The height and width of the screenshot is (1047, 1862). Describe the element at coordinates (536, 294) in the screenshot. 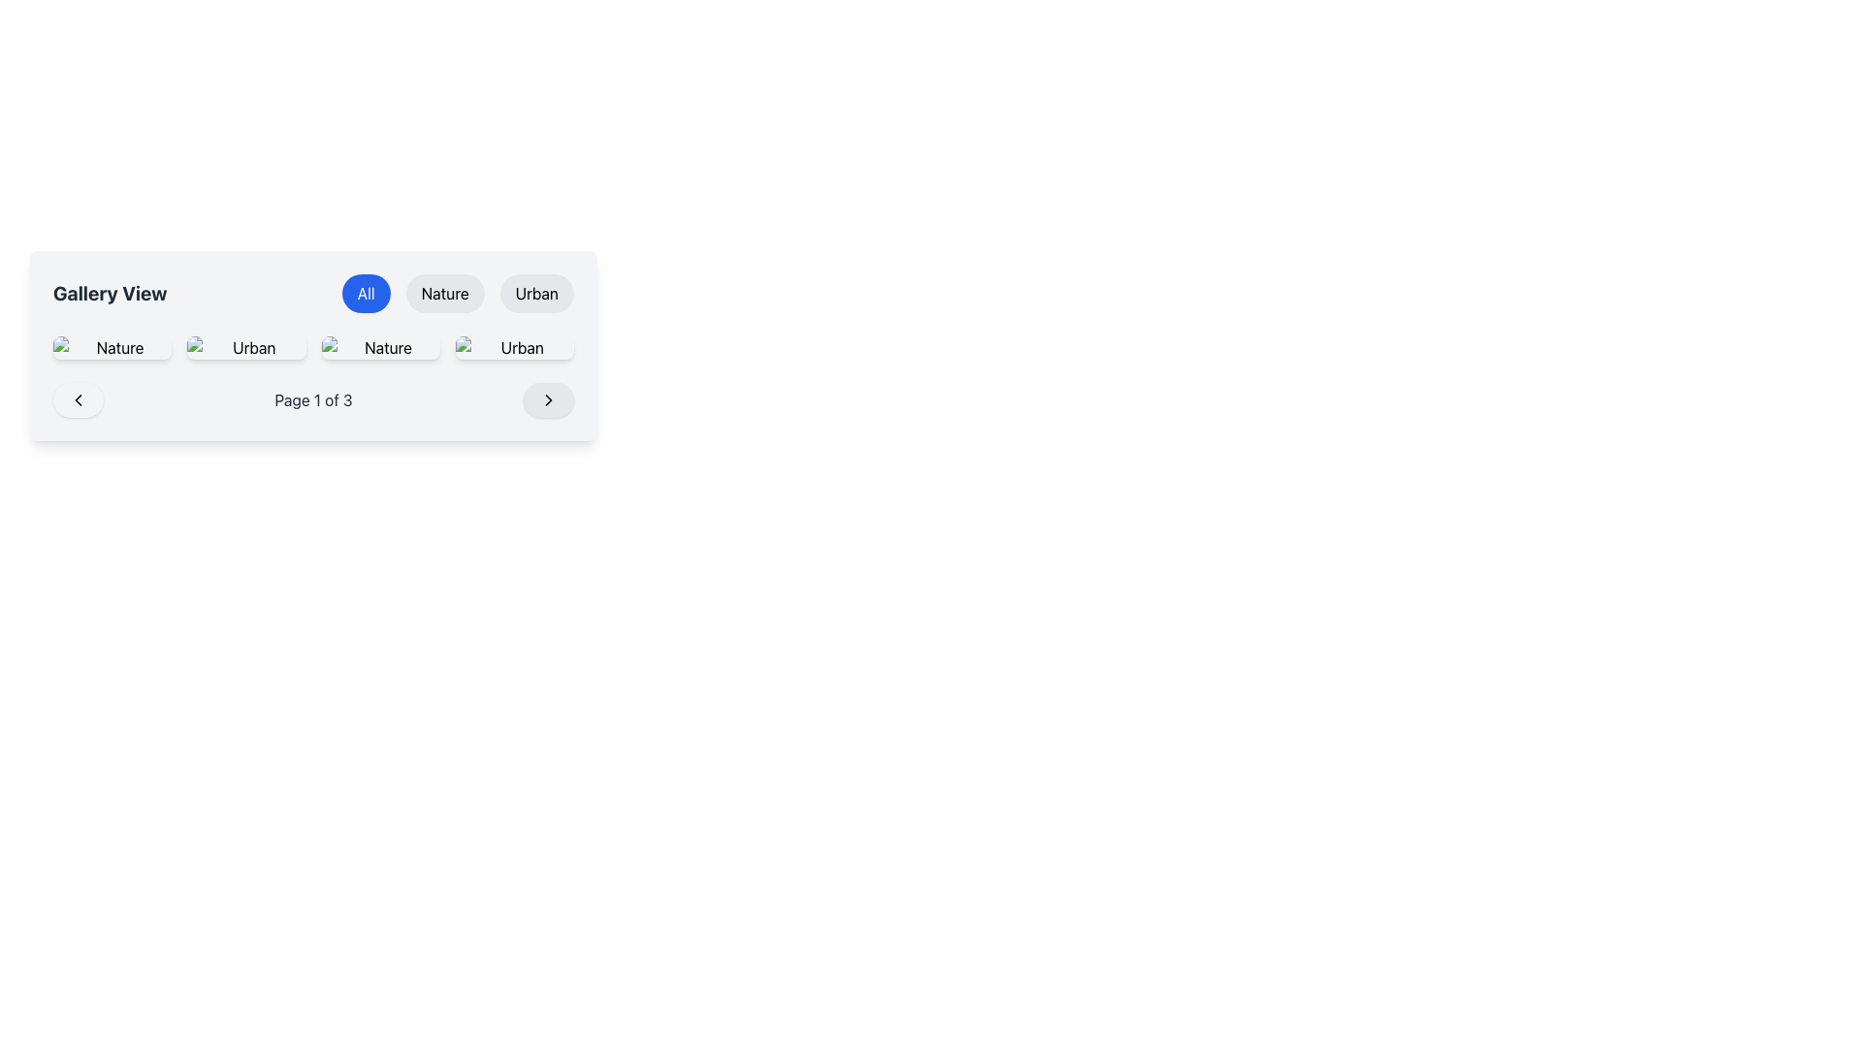

I see `the 'Urban' button` at that location.